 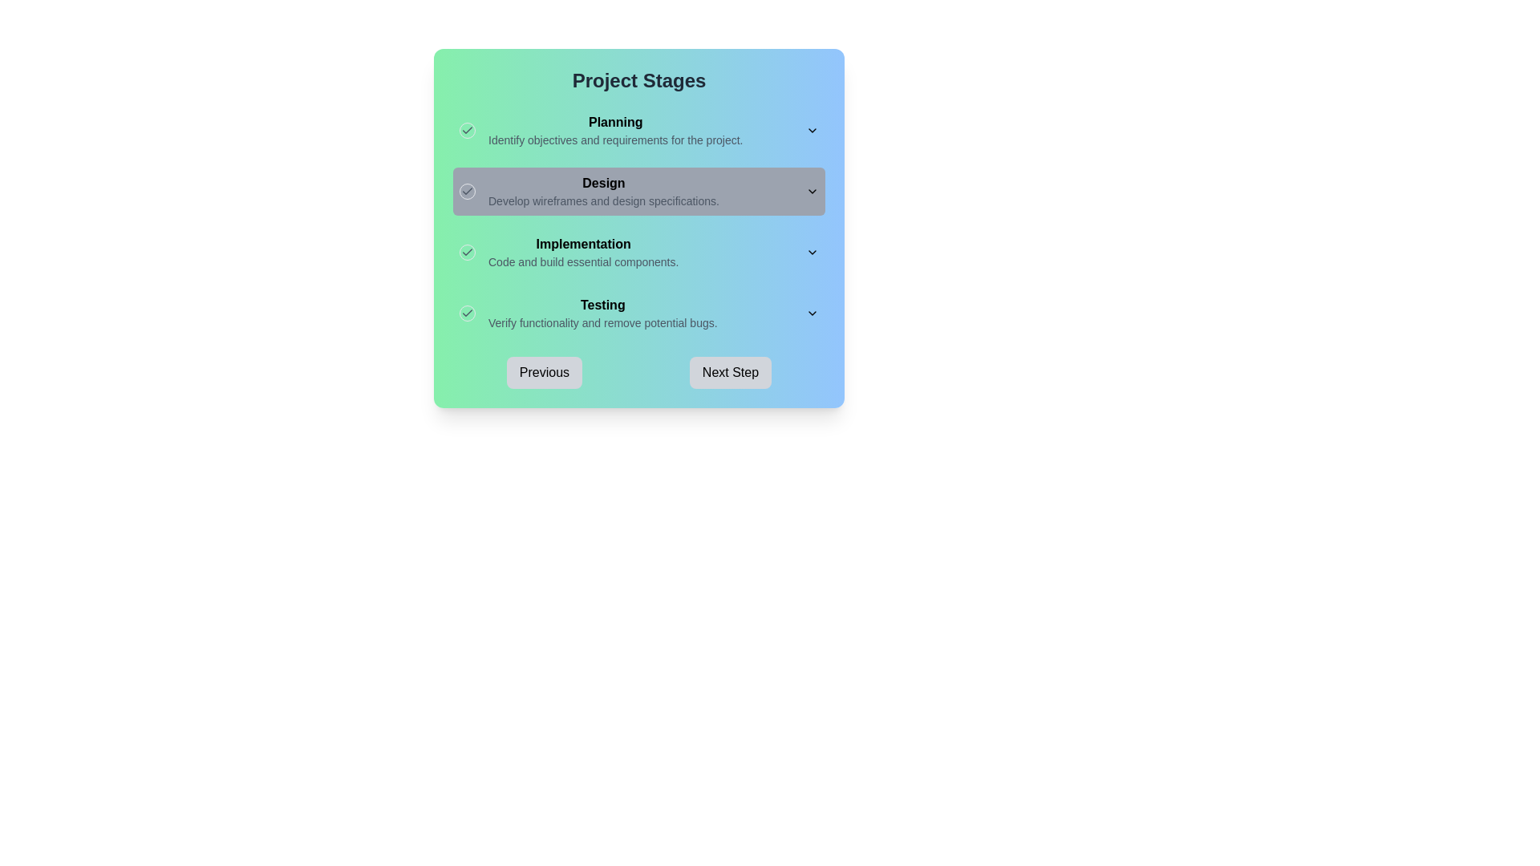 What do you see at coordinates (812, 253) in the screenshot?
I see `the toggle button located immediately to the right of the 'Implementation' task entry` at bounding box center [812, 253].